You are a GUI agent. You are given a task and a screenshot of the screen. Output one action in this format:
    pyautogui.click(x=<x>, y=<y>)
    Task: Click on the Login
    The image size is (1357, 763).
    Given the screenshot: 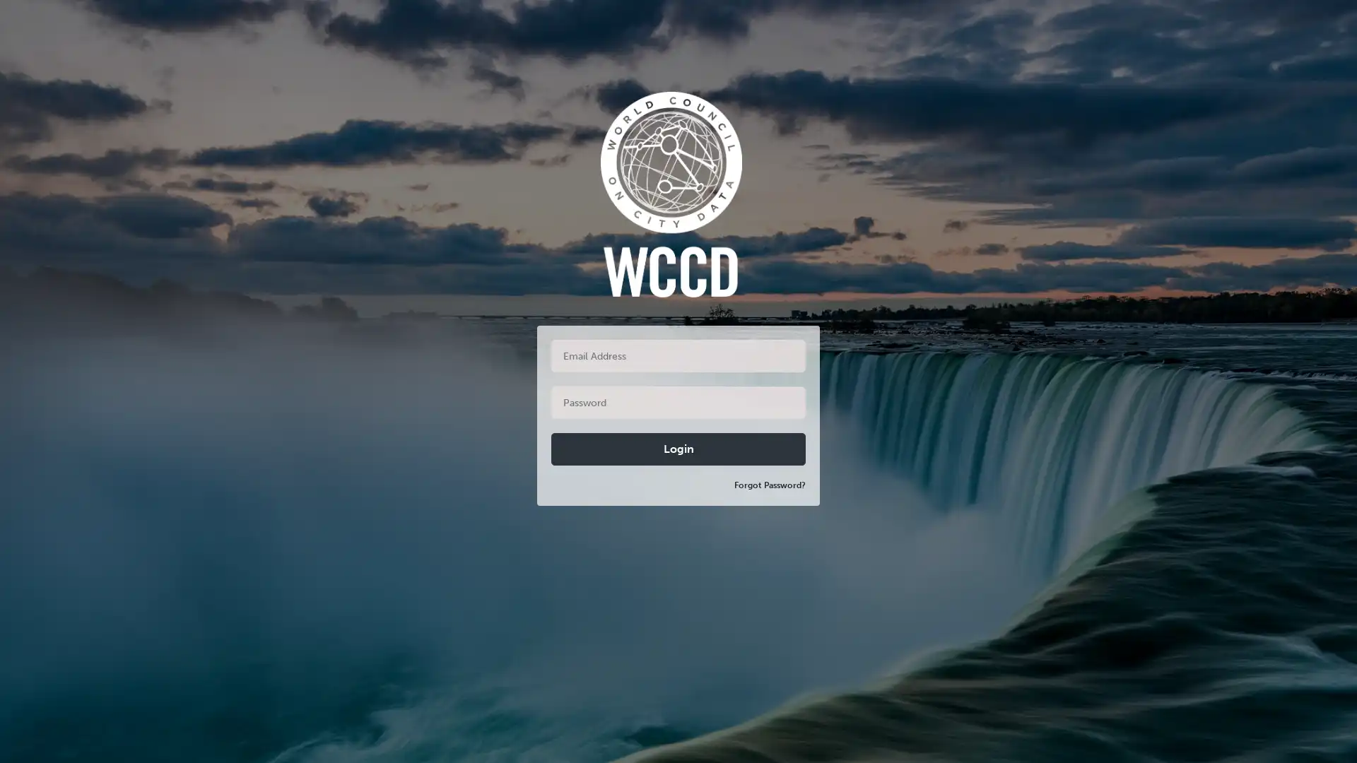 What is the action you would take?
    pyautogui.click(x=678, y=449)
    